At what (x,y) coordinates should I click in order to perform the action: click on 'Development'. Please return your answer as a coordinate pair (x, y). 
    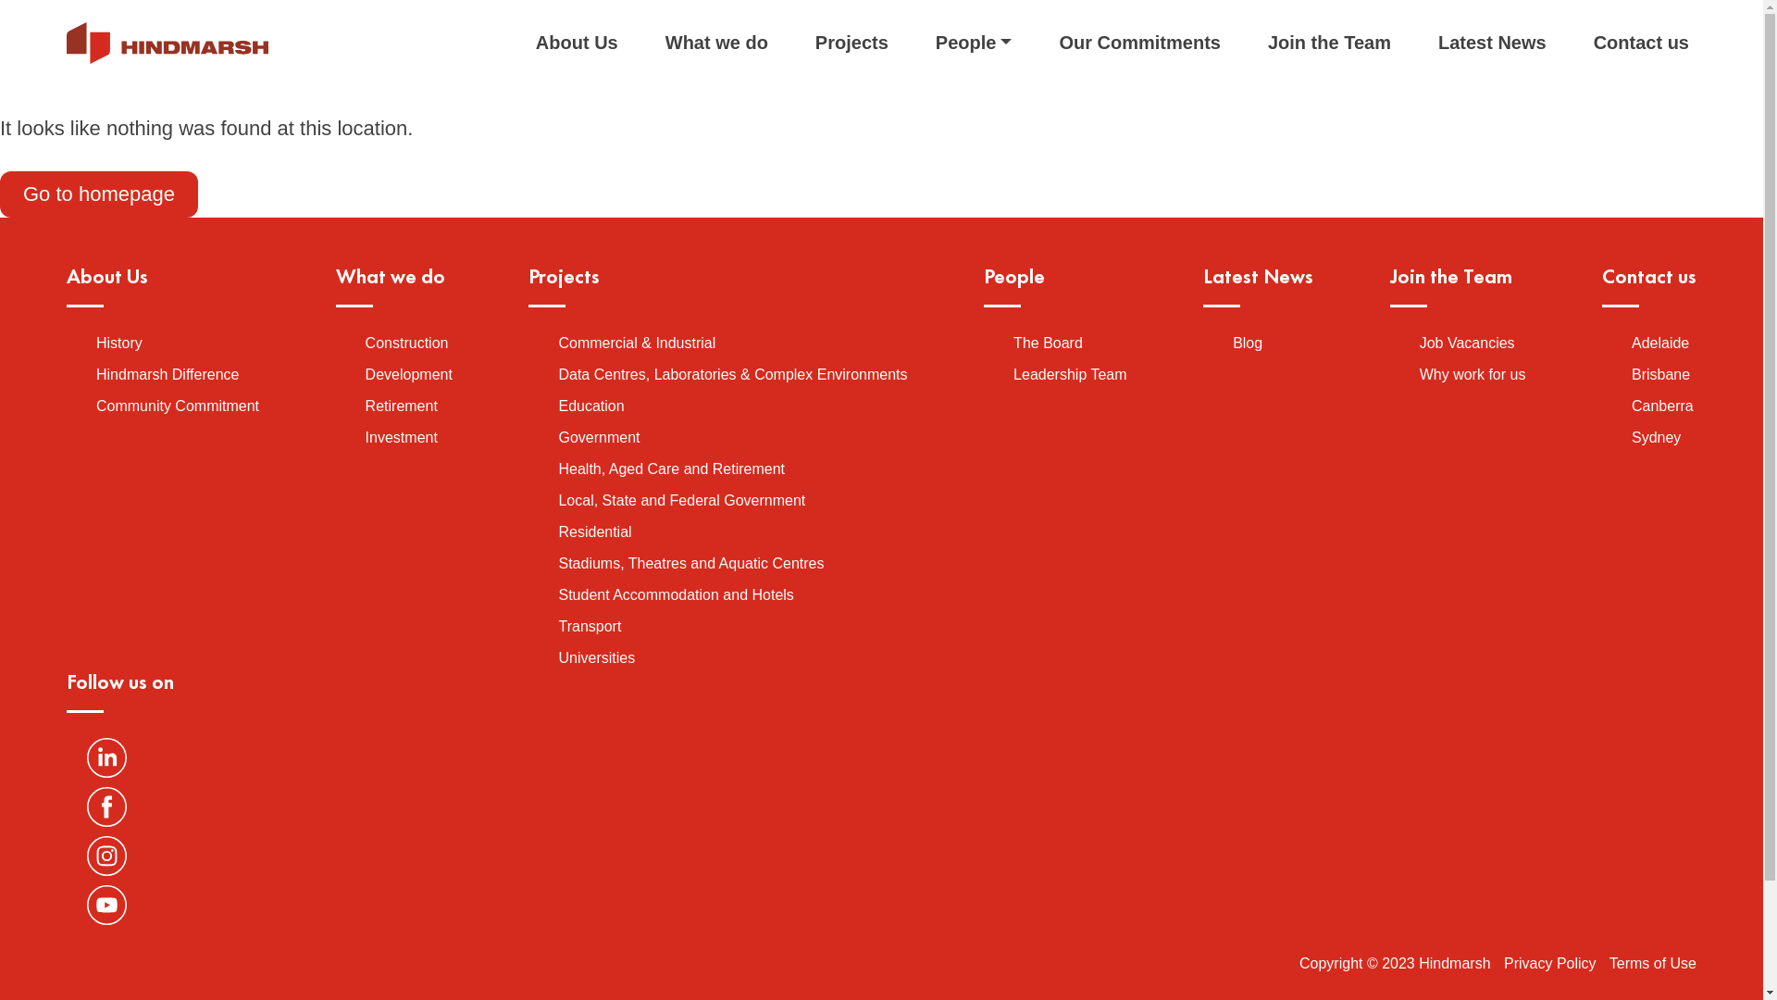
    Looking at the image, I should click on (407, 374).